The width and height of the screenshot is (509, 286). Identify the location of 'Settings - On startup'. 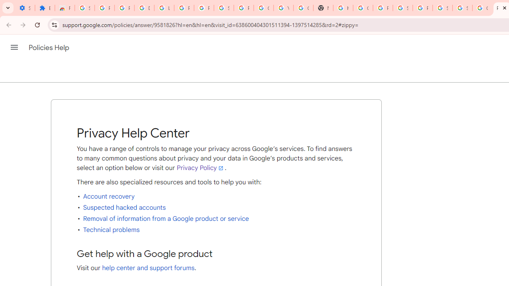
(25, 8).